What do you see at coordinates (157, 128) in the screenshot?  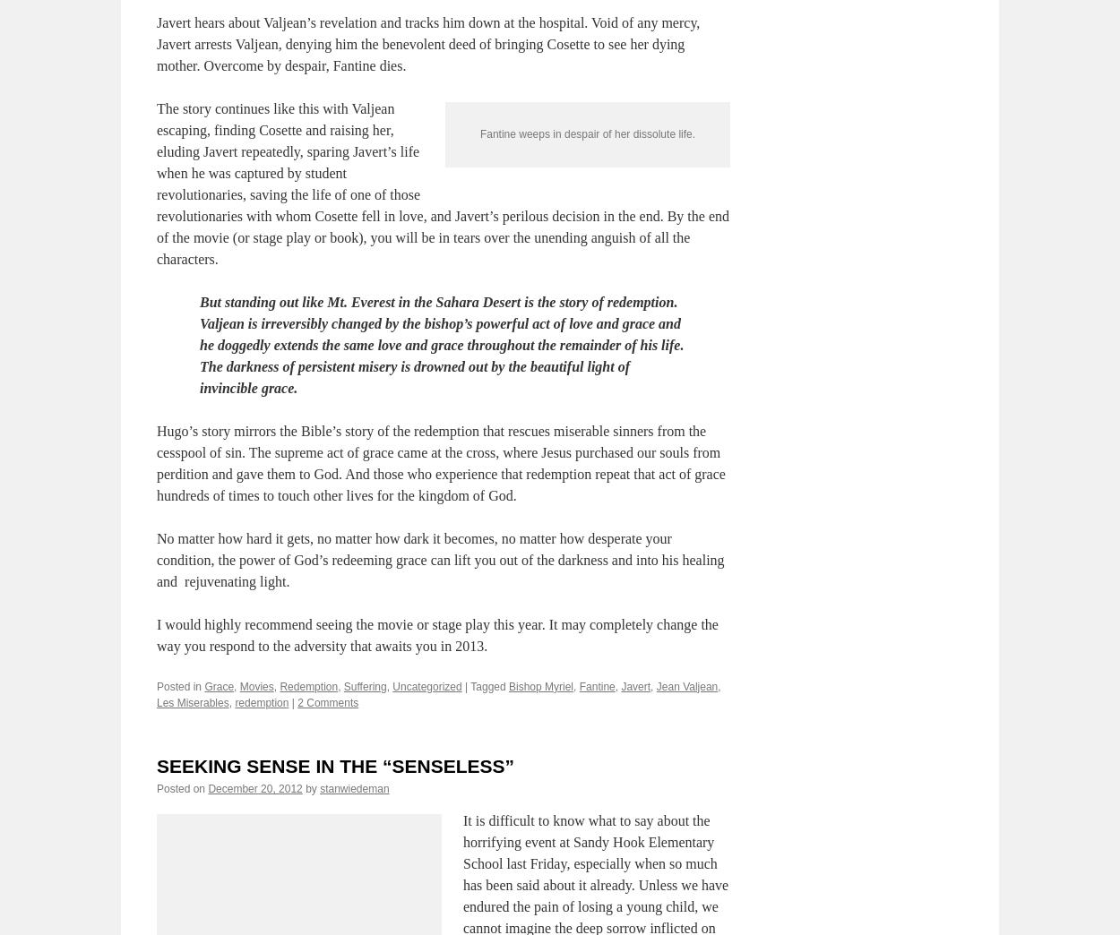 I see `'Javert hears about Valjean’s revelation and tracks him down at the hospital. Void of any mercy, Javert arrests Valjean, denying him the benevolent deed of bringing Cosette to see her dying mother. Overcome by despair, Fantine dies.'` at bounding box center [157, 128].